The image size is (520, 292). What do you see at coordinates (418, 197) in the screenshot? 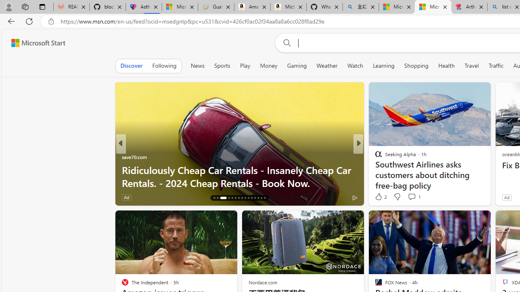
I see `'View comments 20 Comment'` at bounding box center [418, 197].